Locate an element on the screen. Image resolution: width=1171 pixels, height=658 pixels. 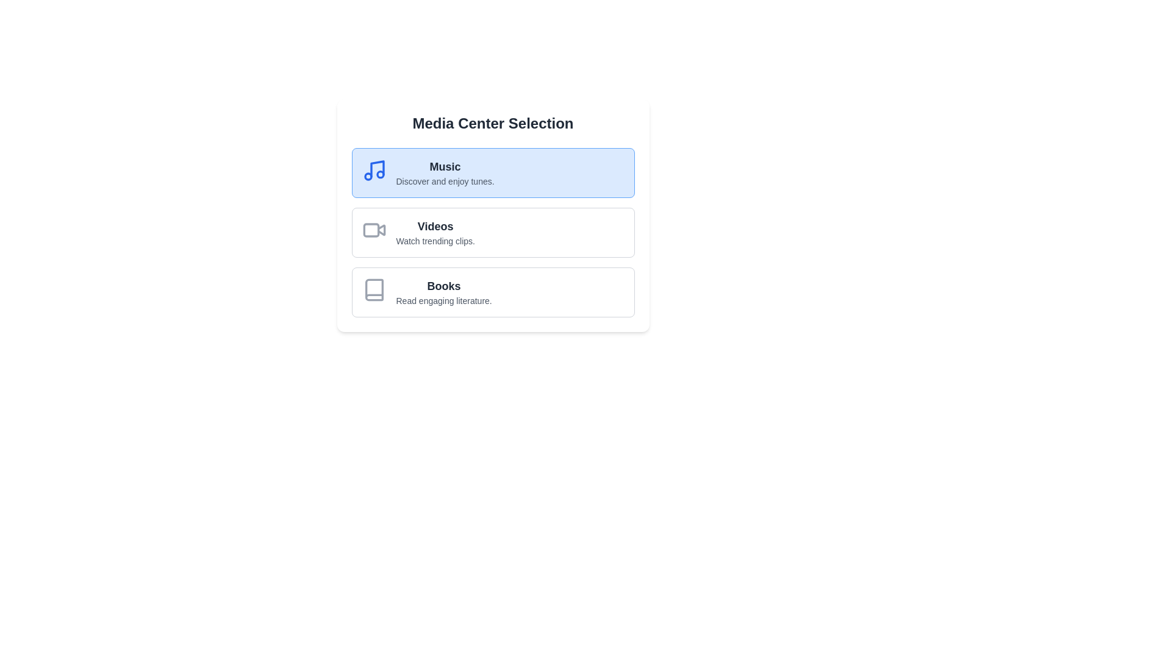
the icon representation of a closed book located in the 'Books' selection option of the 'Media Center Selection' interface is located at coordinates (373, 289).